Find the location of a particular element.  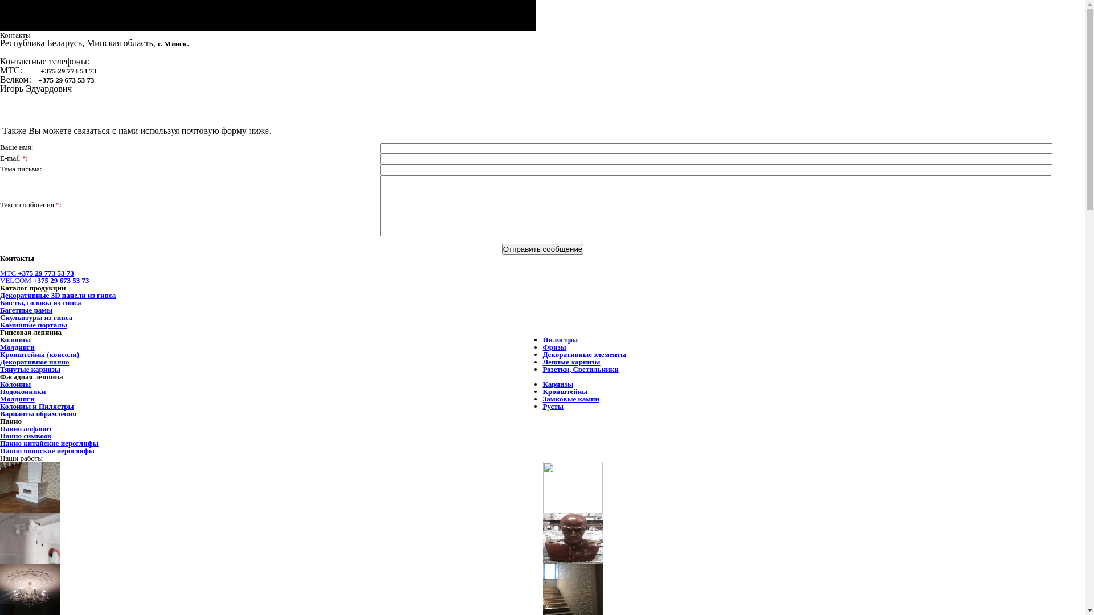

'VELCOM +375 29 673 53 73' is located at coordinates (44, 280).